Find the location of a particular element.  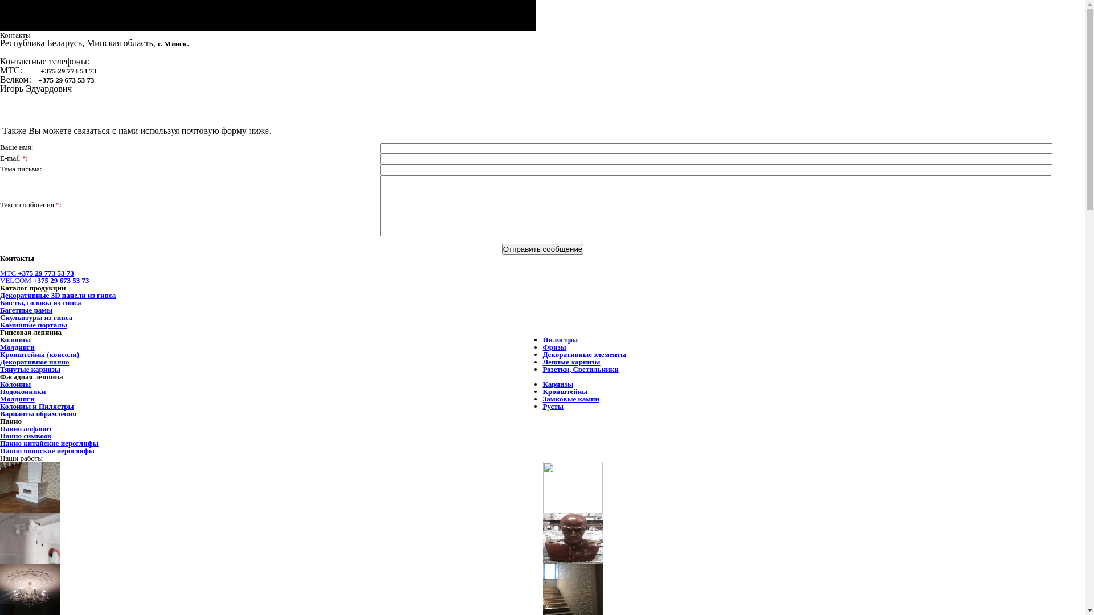

'VELCOM +375 29 673 53 73' is located at coordinates (44, 280).